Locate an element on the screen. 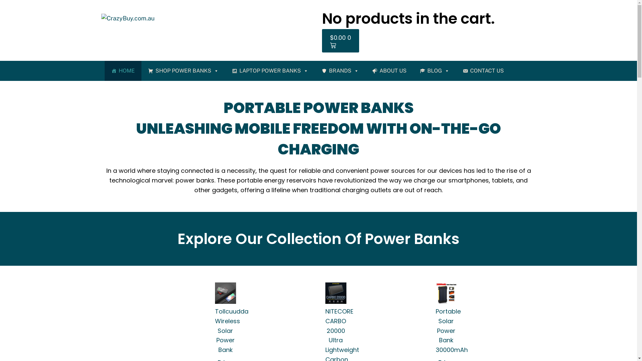  '$0.00 0' is located at coordinates (340, 41).